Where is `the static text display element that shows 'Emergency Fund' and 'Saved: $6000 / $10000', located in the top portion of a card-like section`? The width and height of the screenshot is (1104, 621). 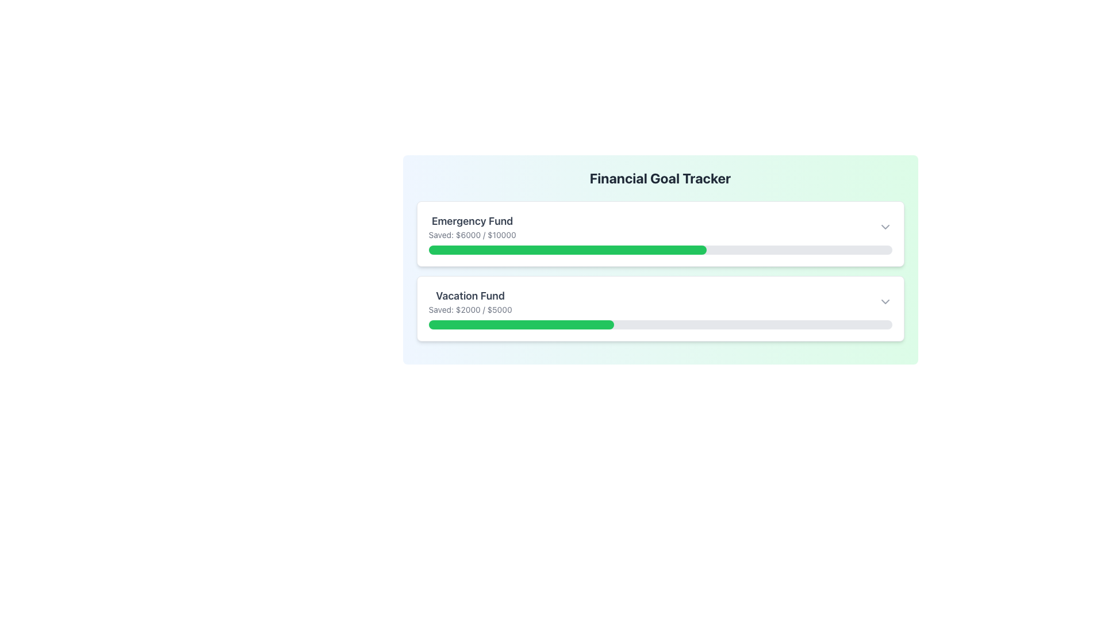 the static text display element that shows 'Emergency Fund' and 'Saved: $6000 / $10000', located in the top portion of a card-like section is located at coordinates (472, 227).